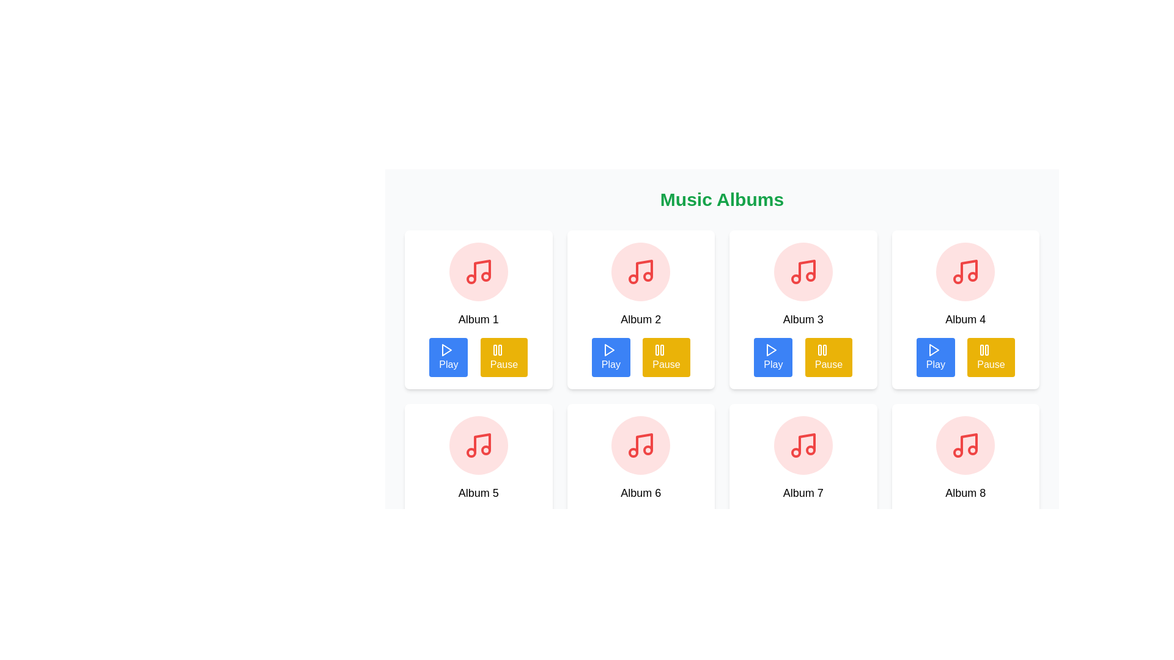 This screenshot has width=1174, height=660. What do you see at coordinates (608, 350) in the screenshot?
I see `the triangular play button icon located within the second blue 'Play' button under 'Album 2' in the top row of the grid layout` at bounding box center [608, 350].